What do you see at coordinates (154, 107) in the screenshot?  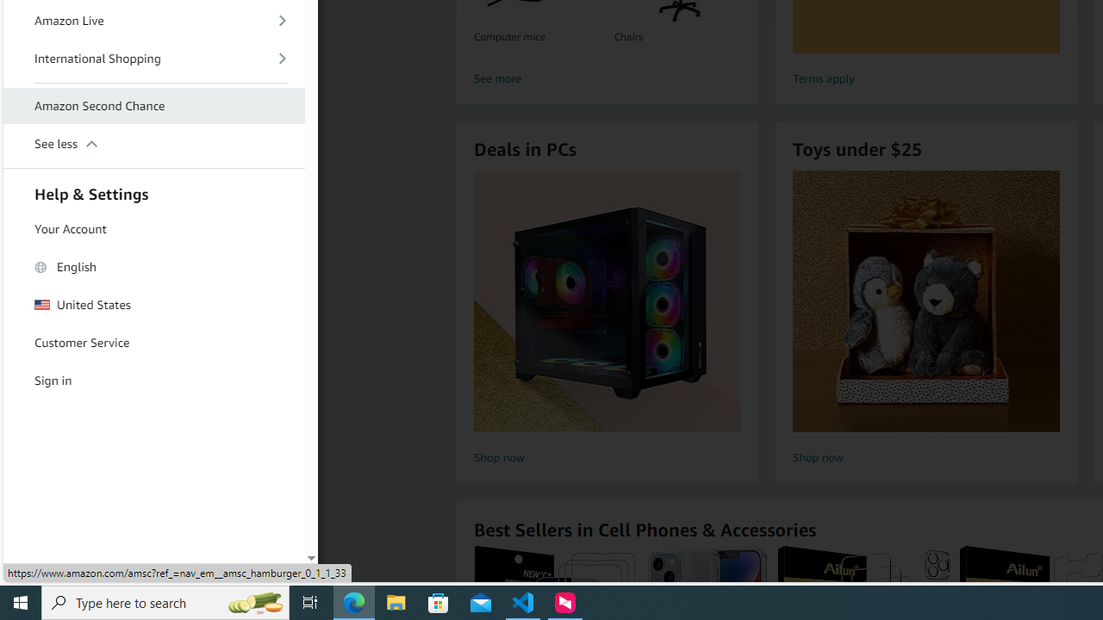 I see `'Amazon Second Chance'` at bounding box center [154, 107].